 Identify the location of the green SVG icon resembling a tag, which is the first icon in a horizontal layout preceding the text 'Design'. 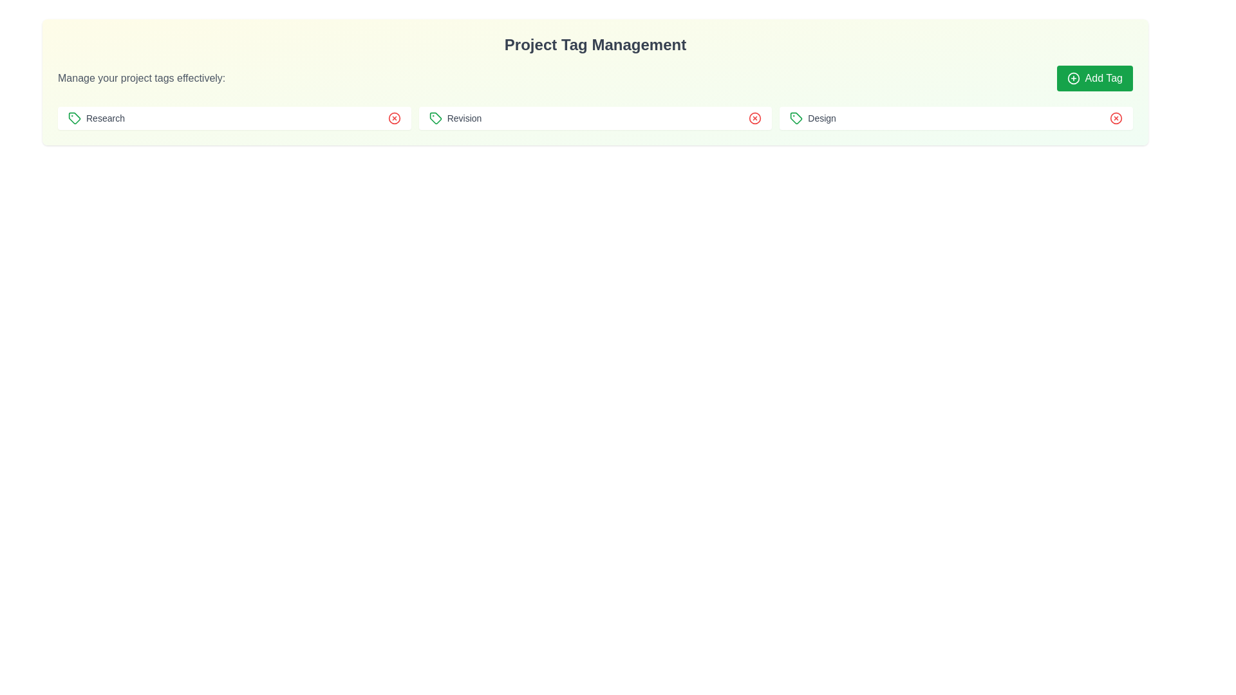
(796, 118).